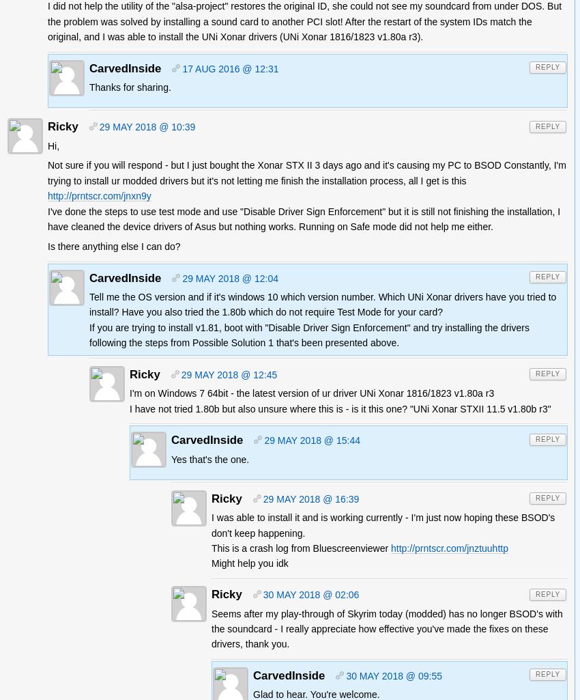 The height and width of the screenshot is (700, 580). I want to click on 'Tell me the OS version and if it's windows 10 which version number. Which UNi Xonar drivers have you tried to install? Have you also tried the 1.80b which do not require Test Mode for your card?', so click(323, 303).